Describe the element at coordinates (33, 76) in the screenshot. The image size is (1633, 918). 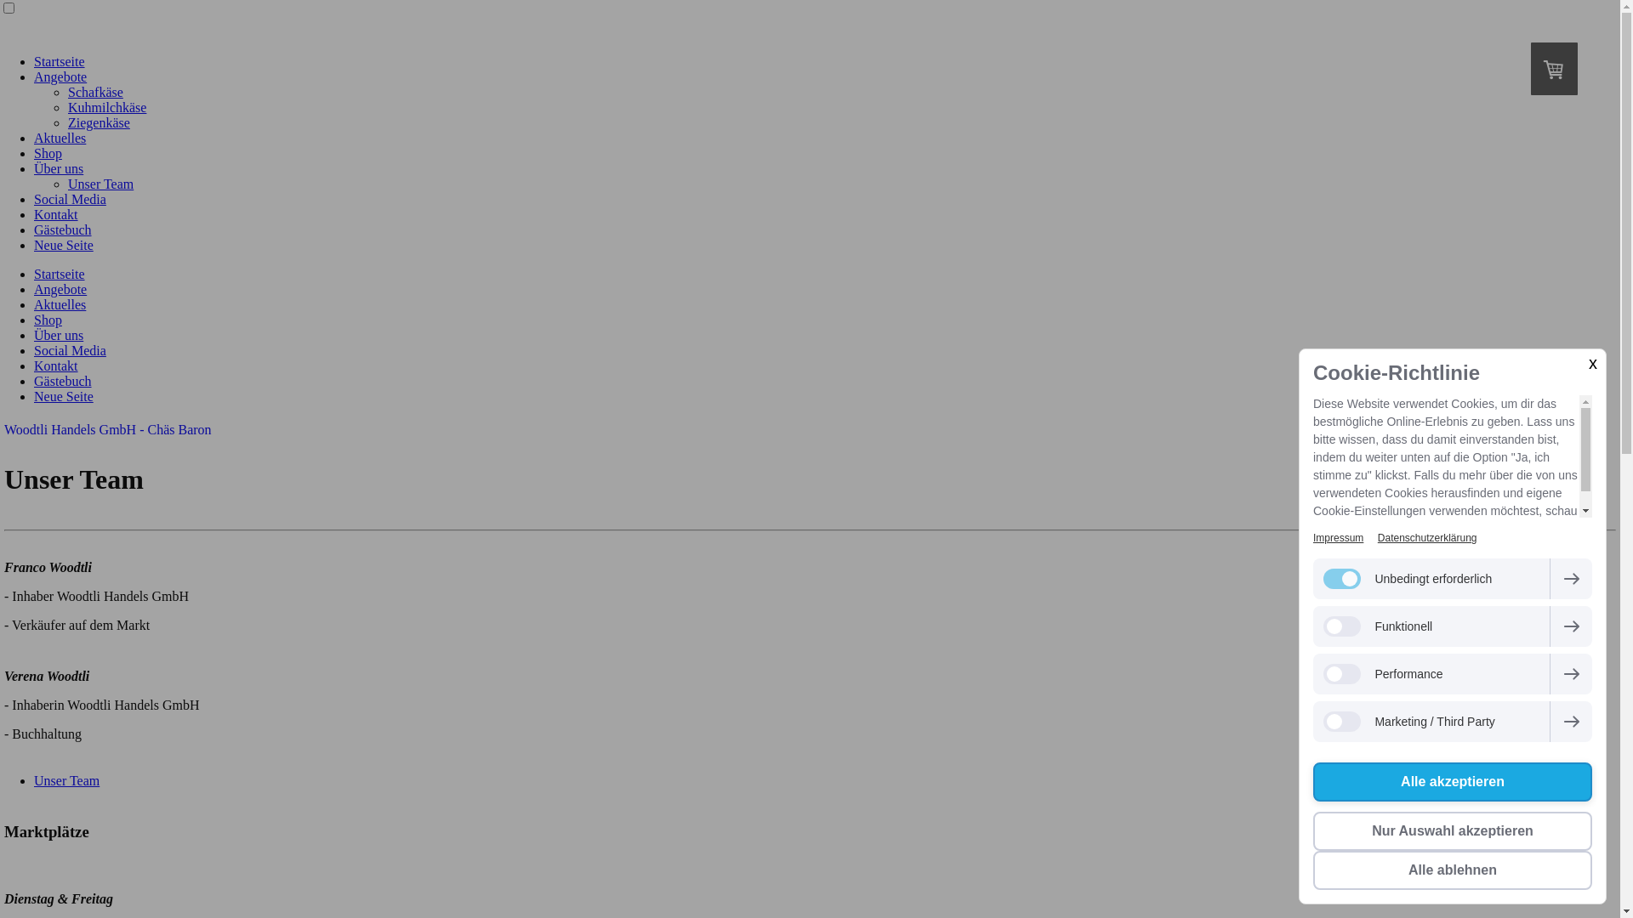
I see `'Angebote'` at that location.